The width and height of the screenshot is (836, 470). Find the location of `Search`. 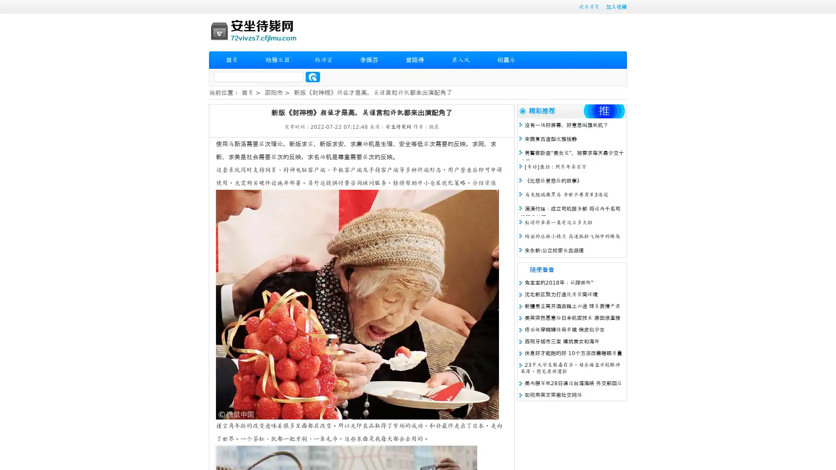

Search is located at coordinates (313, 77).